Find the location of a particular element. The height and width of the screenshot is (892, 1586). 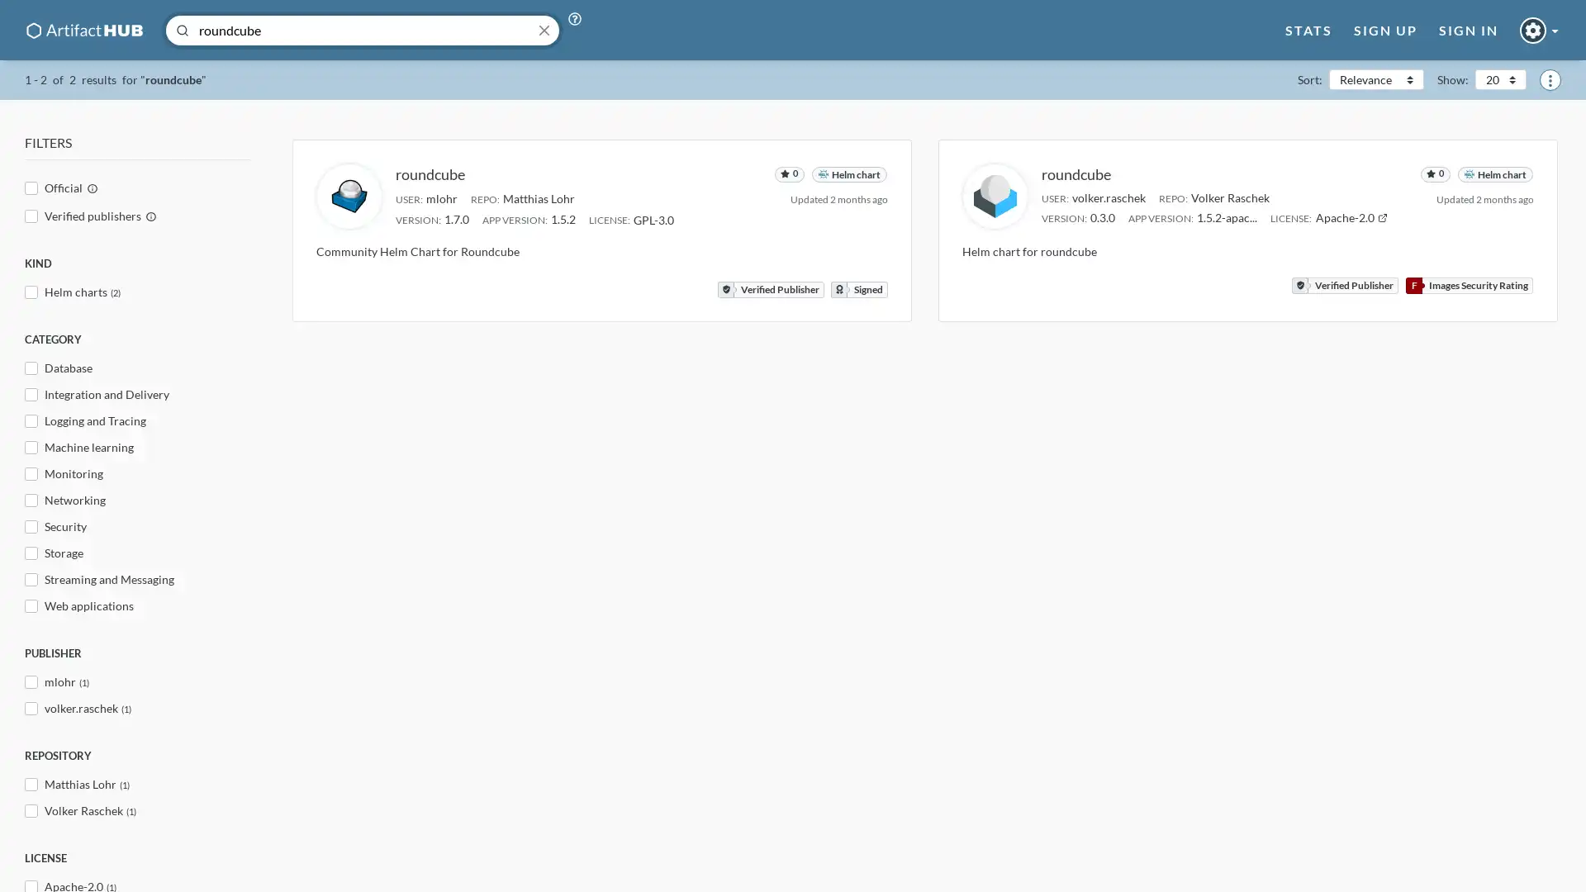

Show menu is located at coordinates (1549, 79).